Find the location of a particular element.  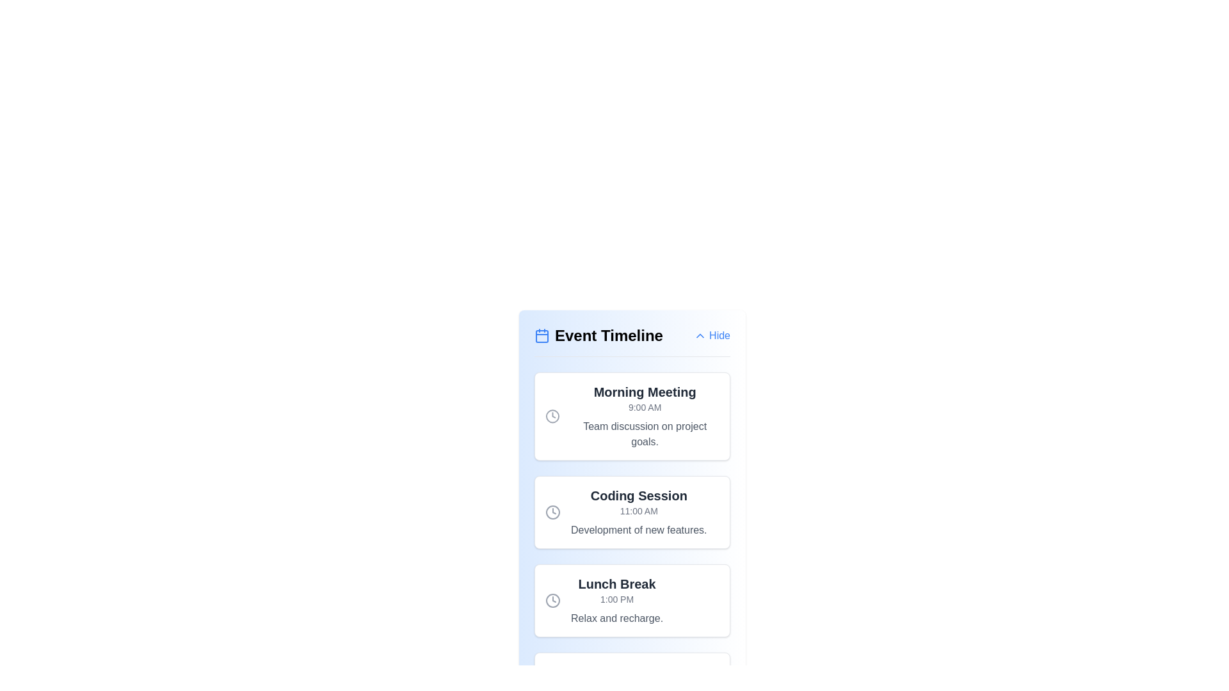

the calendar icon with a blue outline located to the left of the 'Event Timeline' text in the header section is located at coordinates (542, 335).